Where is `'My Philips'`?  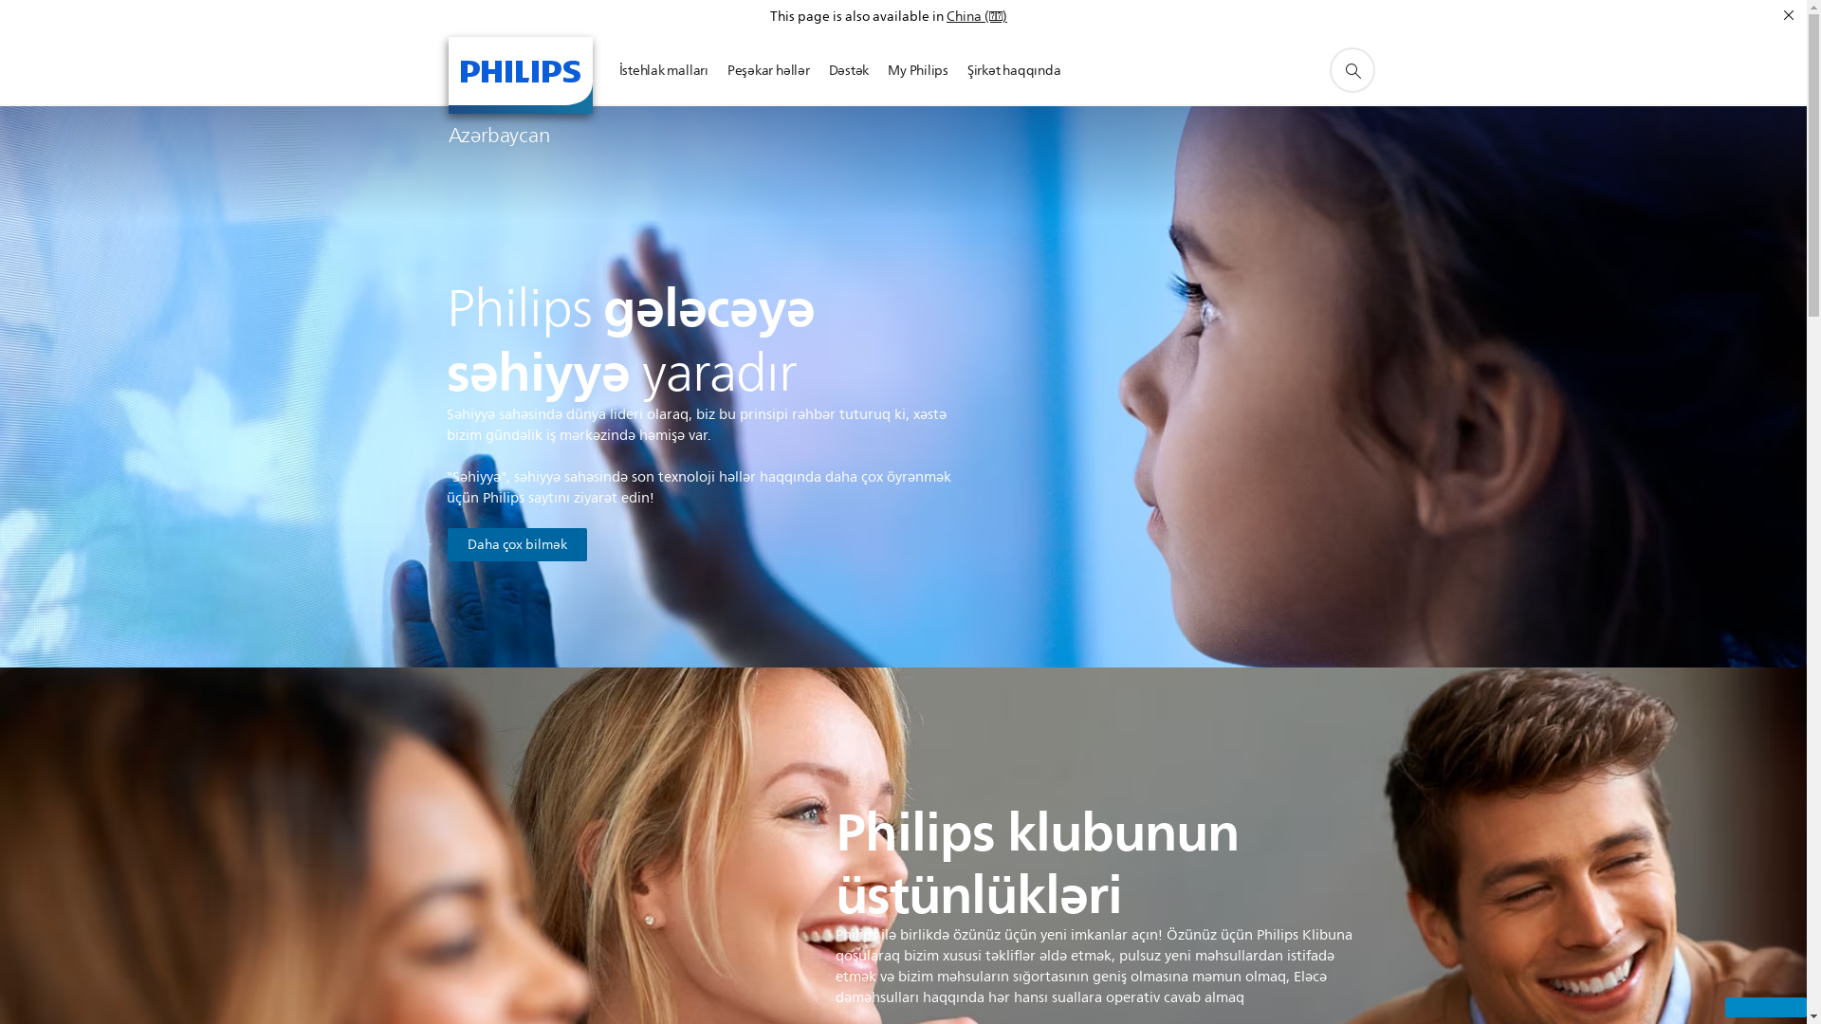 'My Philips' is located at coordinates (918, 69).